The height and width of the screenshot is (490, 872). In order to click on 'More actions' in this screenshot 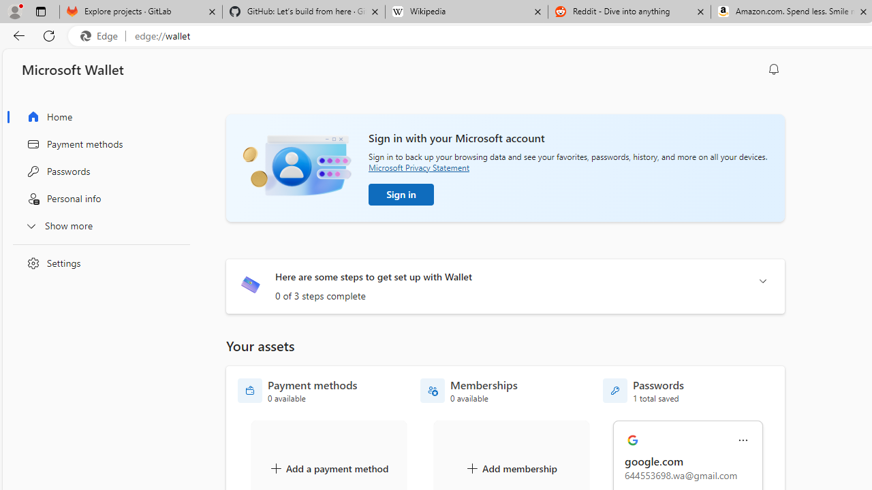, I will do `click(743, 440)`.